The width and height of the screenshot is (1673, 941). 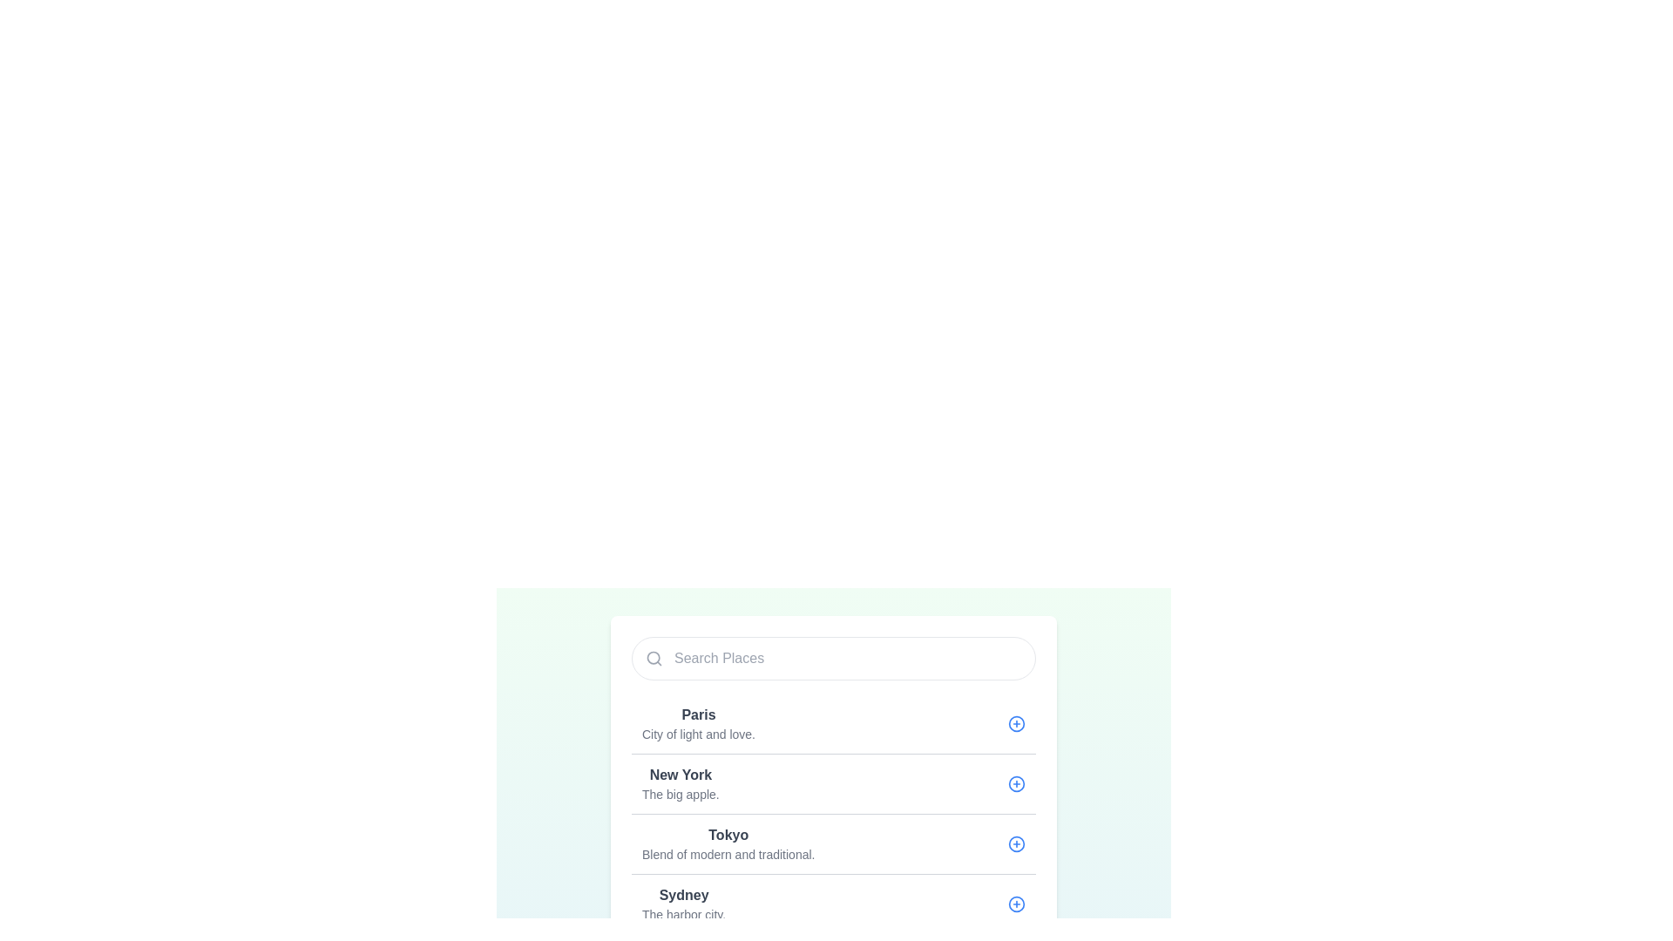 What do you see at coordinates (1016, 903) in the screenshot?
I see `the button icon to add or expand details about 'Sydney' in the list, positioned to the right of the 'Sydney' section` at bounding box center [1016, 903].